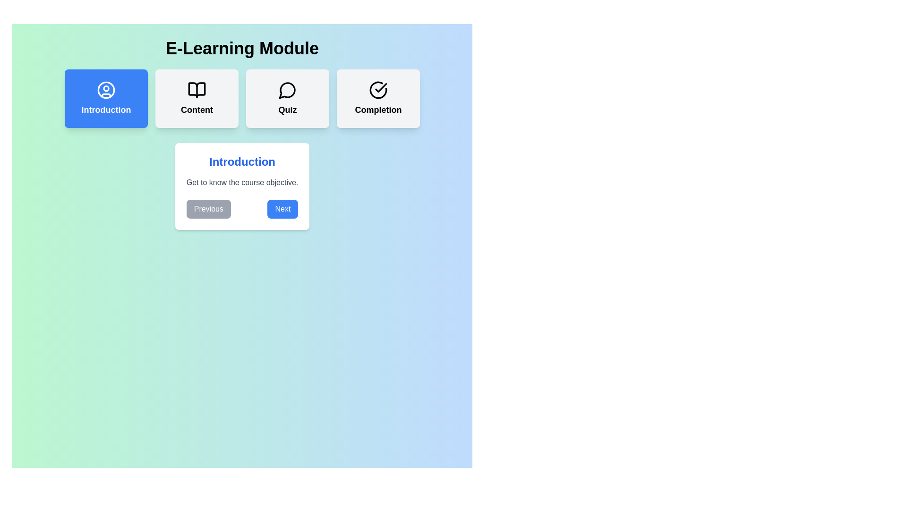 Image resolution: width=907 pixels, height=510 pixels. What do you see at coordinates (197, 98) in the screenshot?
I see `the learning step Content by clicking its card` at bounding box center [197, 98].